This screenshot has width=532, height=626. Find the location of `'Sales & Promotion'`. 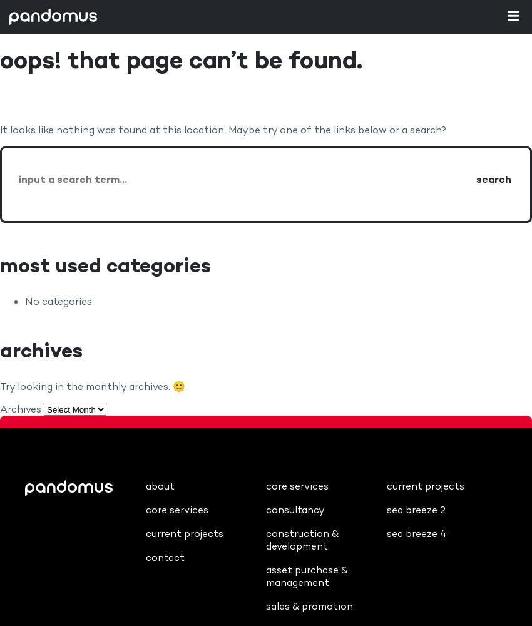

'Sales & Promotion' is located at coordinates (309, 605).